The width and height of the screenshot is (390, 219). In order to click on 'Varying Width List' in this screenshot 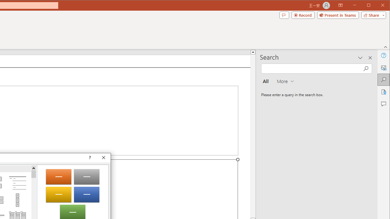, I will do `click(17, 200)`.